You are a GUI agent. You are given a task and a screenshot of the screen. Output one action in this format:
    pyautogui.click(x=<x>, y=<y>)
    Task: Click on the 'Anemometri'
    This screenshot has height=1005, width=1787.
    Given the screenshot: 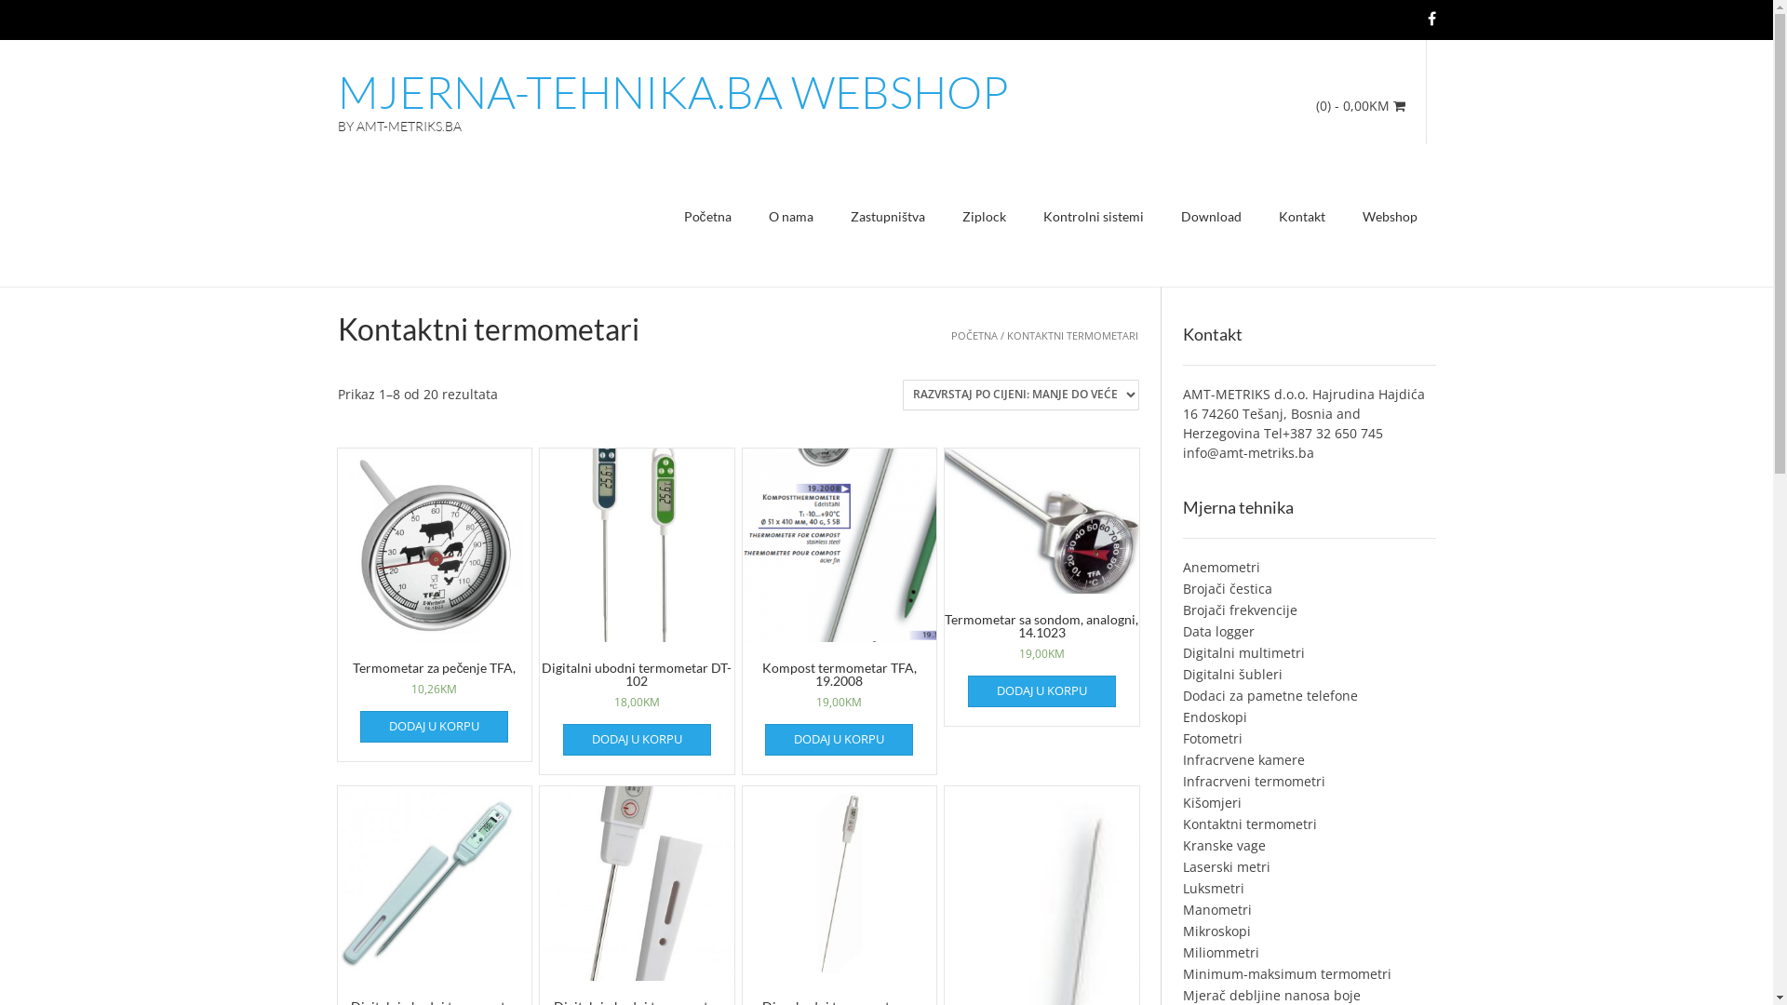 What is the action you would take?
    pyautogui.click(x=1221, y=566)
    